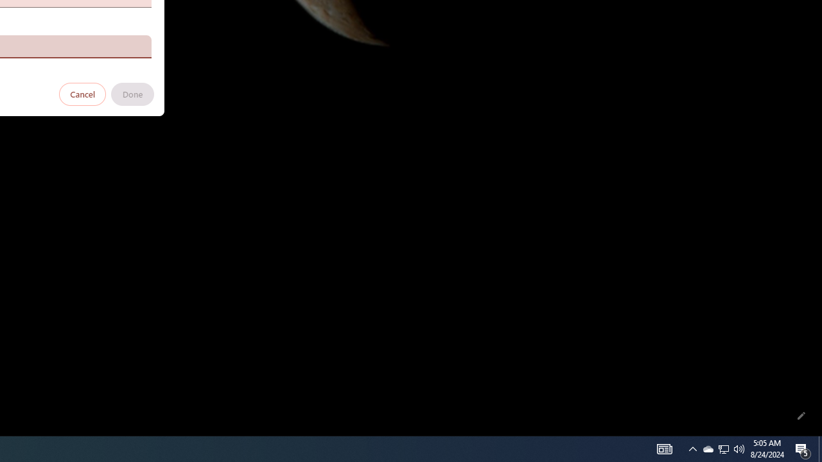 The height and width of the screenshot is (462, 822). I want to click on 'Cancel', so click(82, 93).